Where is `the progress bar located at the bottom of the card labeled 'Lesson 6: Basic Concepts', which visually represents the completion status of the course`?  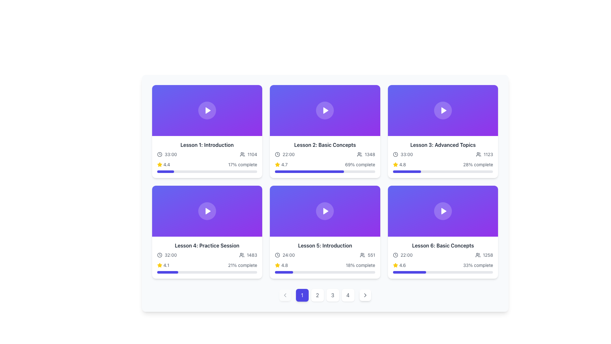
the progress bar located at the bottom of the card labeled 'Lesson 6: Basic Concepts', which visually represents the completion status of the course is located at coordinates (409, 272).